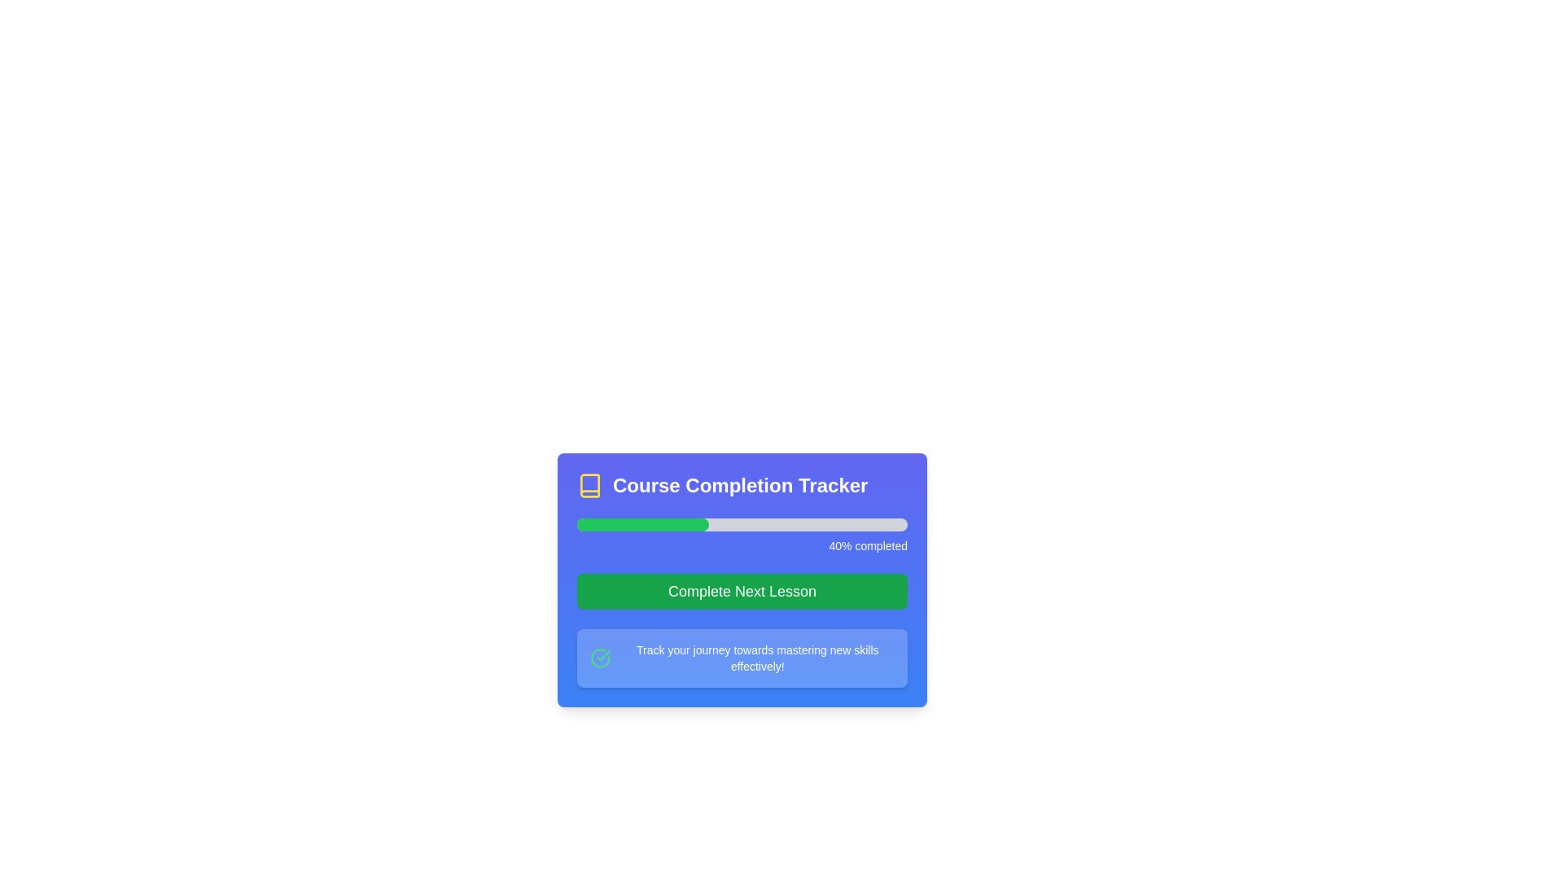 The width and height of the screenshot is (1563, 879). Describe the element at coordinates (739, 485) in the screenshot. I see `the static text label that reads 'Course Completion Tracker', which is styled with a large font size, bold weight, and white color on a purple background` at that location.